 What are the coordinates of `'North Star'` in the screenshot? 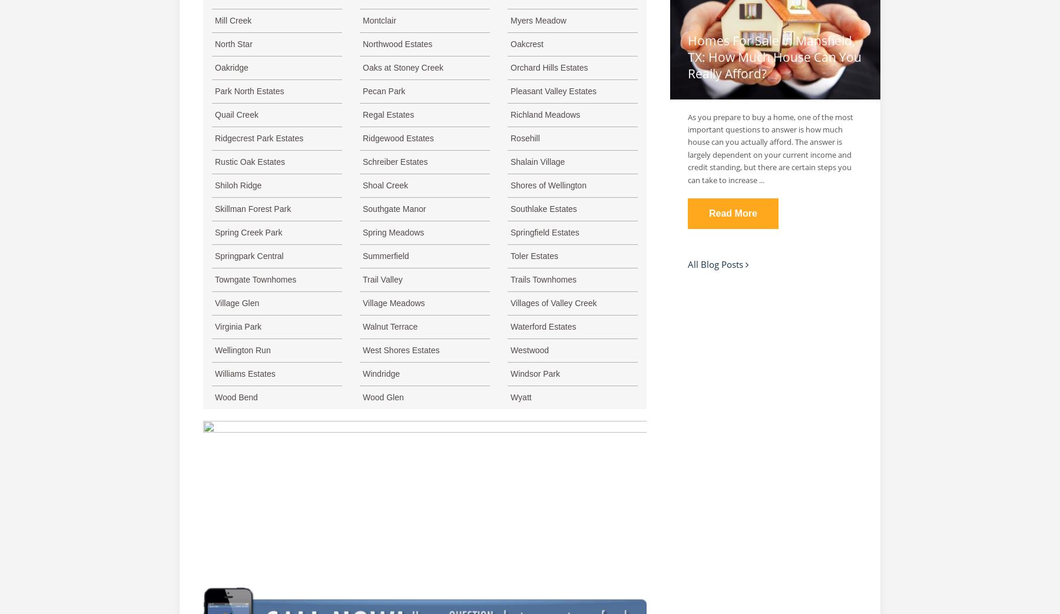 It's located at (233, 43).